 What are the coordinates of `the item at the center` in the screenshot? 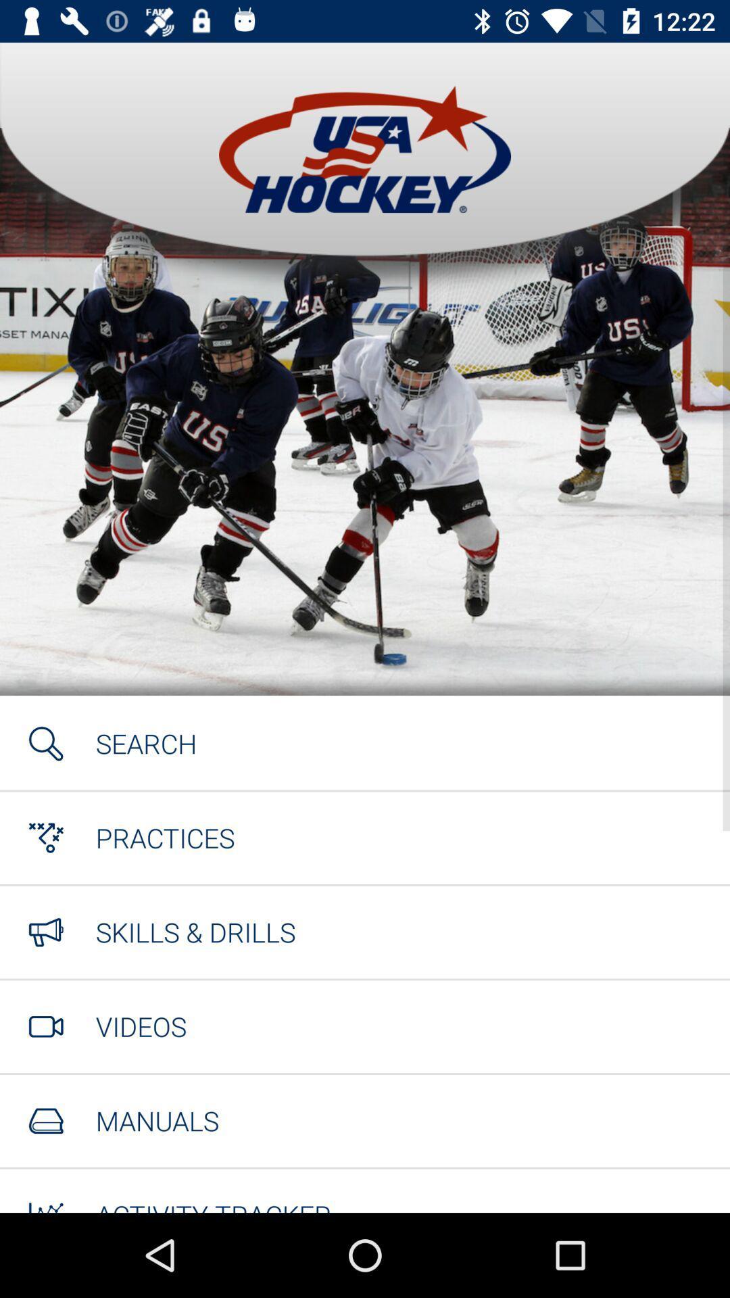 It's located at (365, 681).